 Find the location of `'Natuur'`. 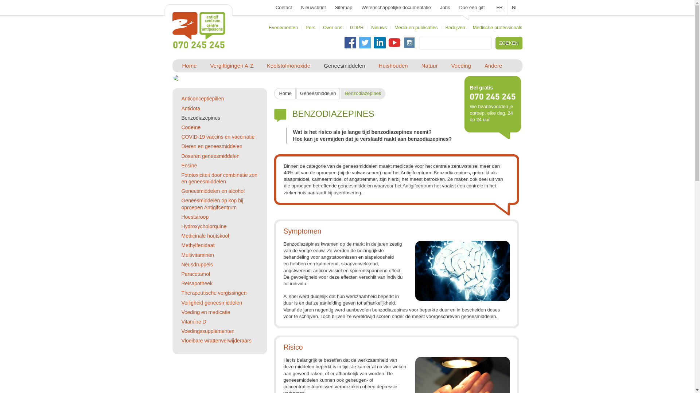

'Natuur' is located at coordinates (429, 66).